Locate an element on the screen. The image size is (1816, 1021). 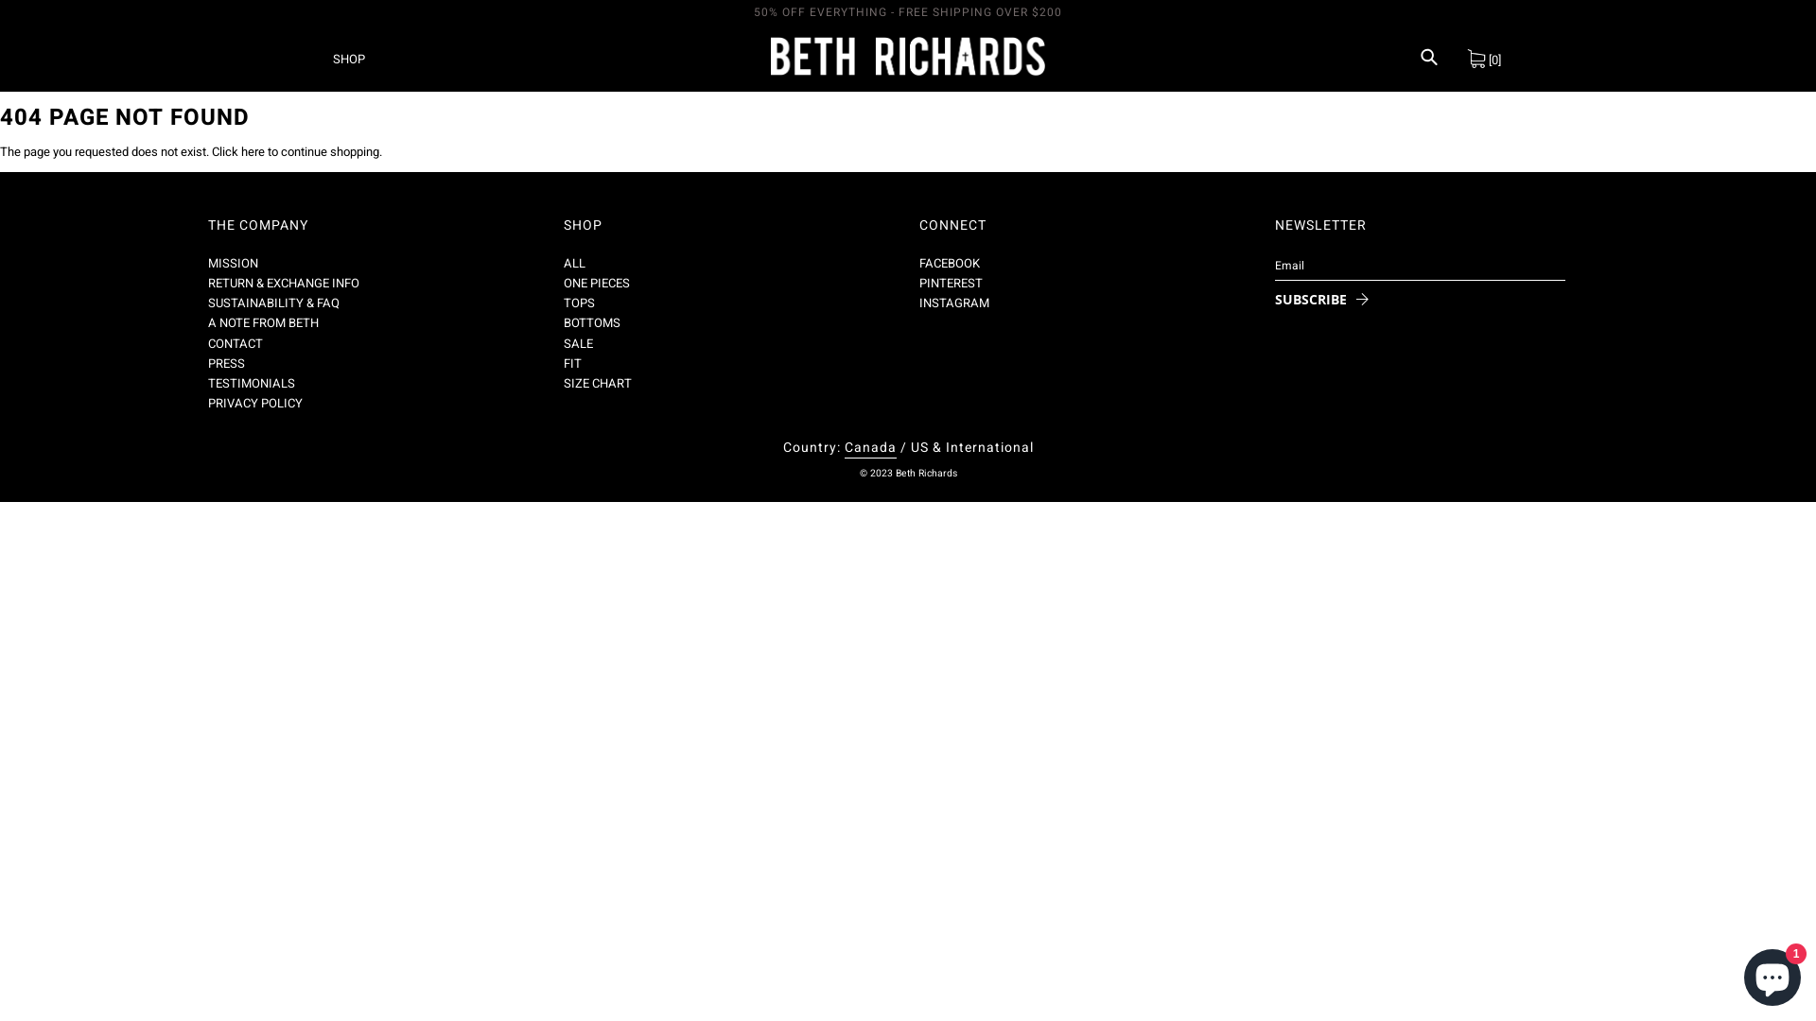
'US & International' is located at coordinates (971, 447).